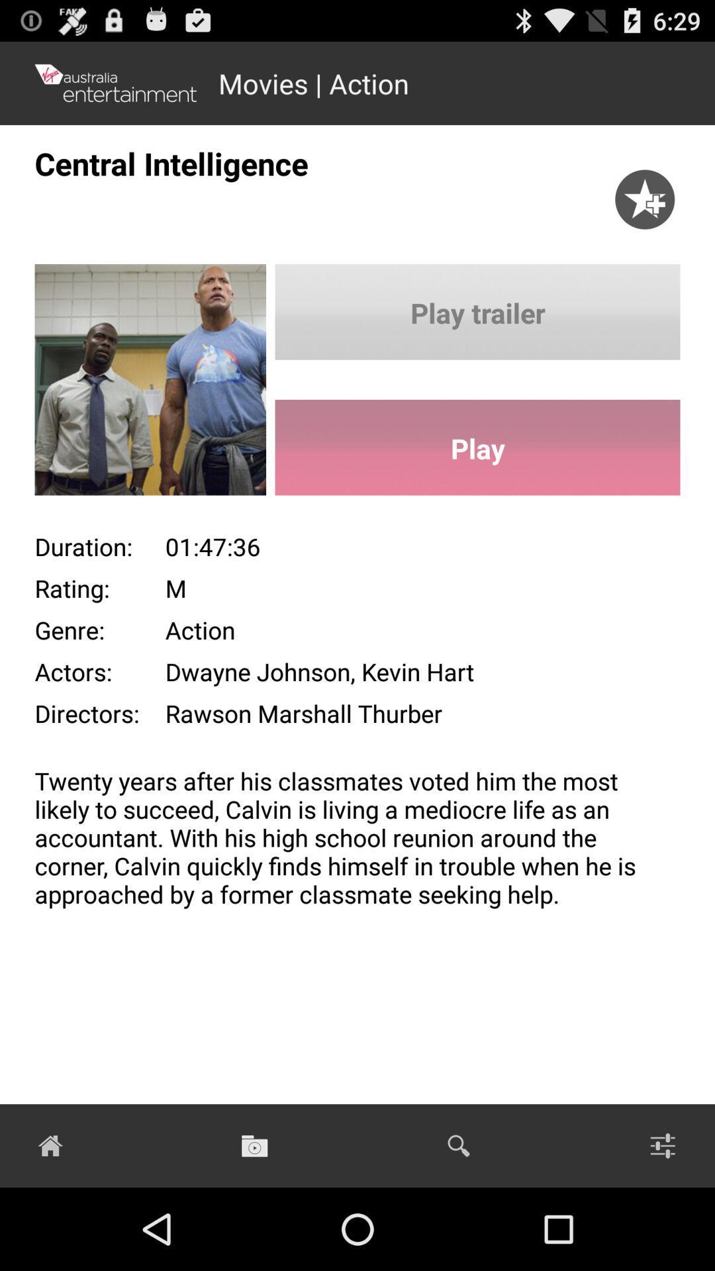 The height and width of the screenshot is (1271, 715). I want to click on the star icon, so click(644, 198).